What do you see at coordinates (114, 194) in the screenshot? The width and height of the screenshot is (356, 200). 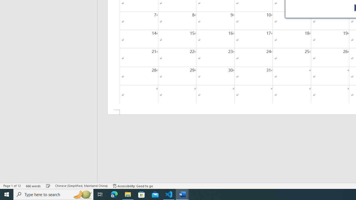 I see `'Microsoft Edge'` at bounding box center [114, 194].